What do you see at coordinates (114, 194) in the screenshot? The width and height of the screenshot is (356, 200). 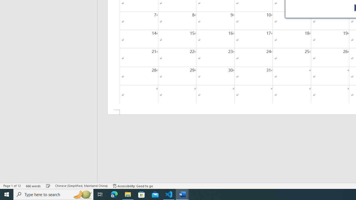 I see `'Microsoft Edge'` at bounding box center [114, 194].